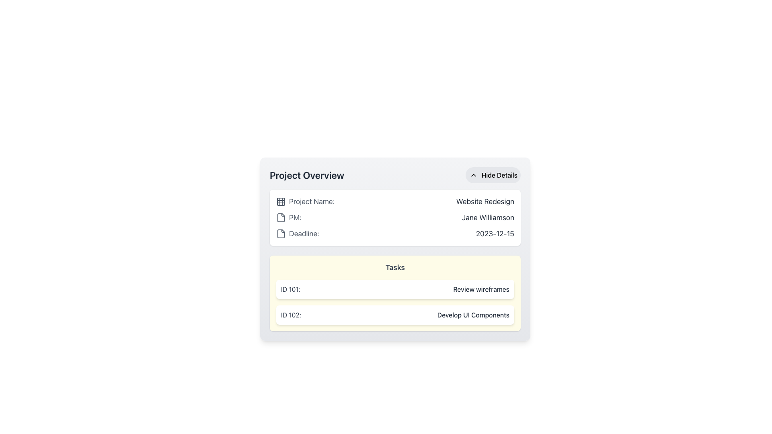  I want to click on the static text label displaying 'PM:', which is located in the middle section of the interface and aligned with other descriptive labels, so click(295, 218).